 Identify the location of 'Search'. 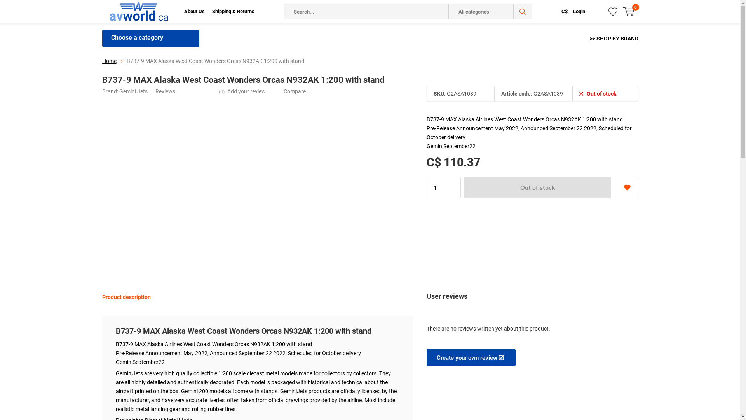
(523, 12).